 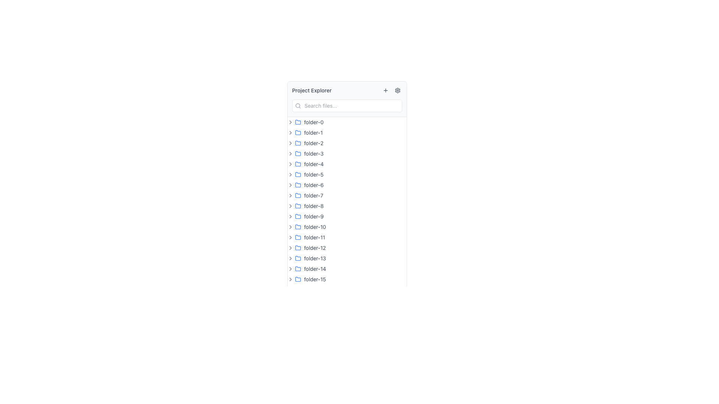 What do you see at coordinates (314, 216) in the screenshot?
I see `the text label displaying 'folder-9', which is styled in a small gray font and positioned in a vertical list of folders` at bounding box center [314, 216].